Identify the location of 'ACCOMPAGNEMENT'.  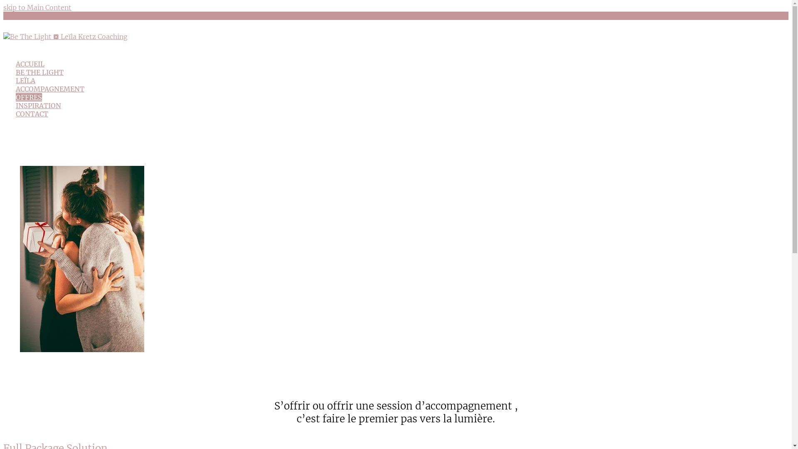
(49, 89).